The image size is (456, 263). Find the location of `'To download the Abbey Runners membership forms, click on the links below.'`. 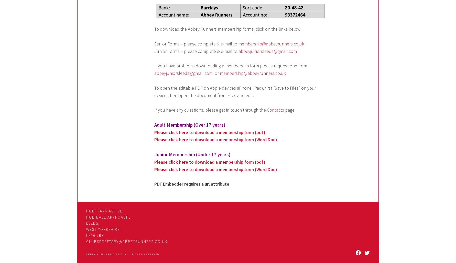

'To download the Abbey Runners membership forms, click on the links below.' is located at coordinates (227, 29).